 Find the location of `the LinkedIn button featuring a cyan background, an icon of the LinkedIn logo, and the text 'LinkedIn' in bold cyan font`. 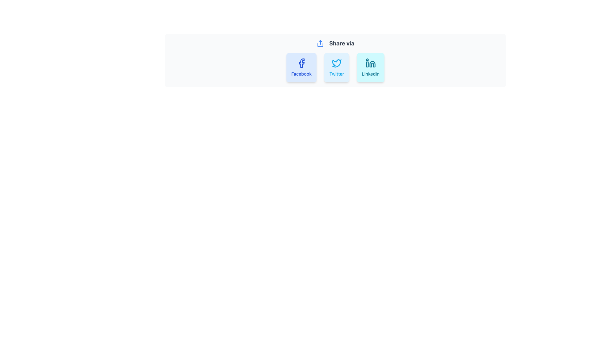

the LinkedIn button featuring a cyan background, an icon of the LinkedIn logo, and the text 'LinkedIn' in bold cyan font is located at coordinates (370, 67).